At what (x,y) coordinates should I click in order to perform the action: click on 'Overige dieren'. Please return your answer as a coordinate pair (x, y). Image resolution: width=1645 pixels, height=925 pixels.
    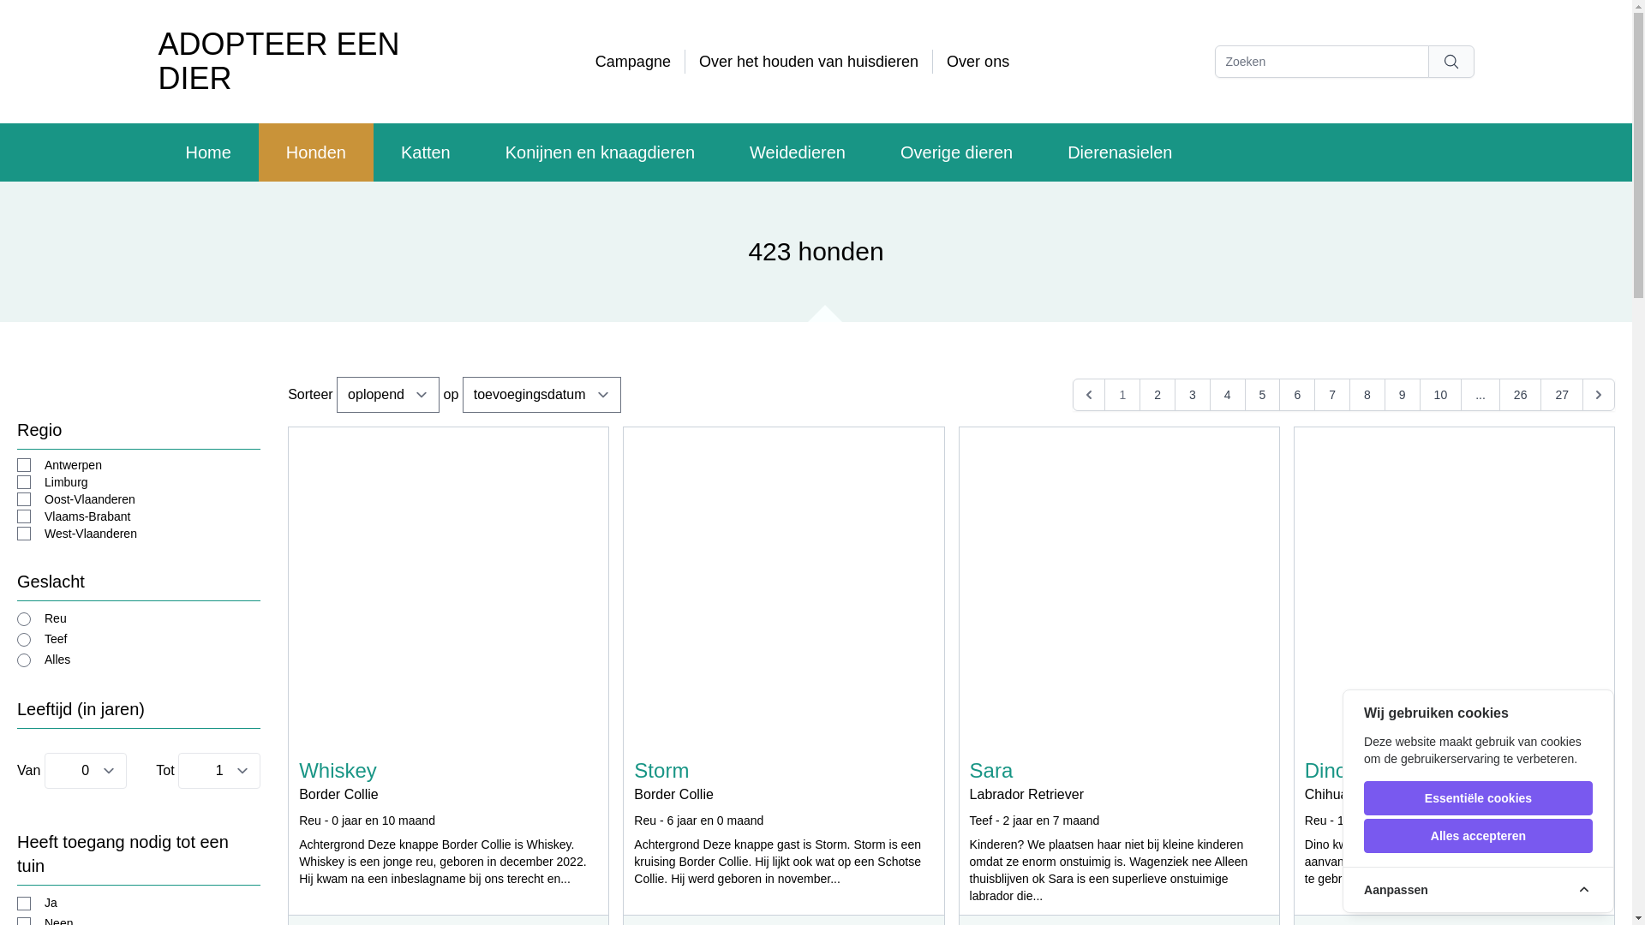
    Looking at the image, I should click on (955, 151).